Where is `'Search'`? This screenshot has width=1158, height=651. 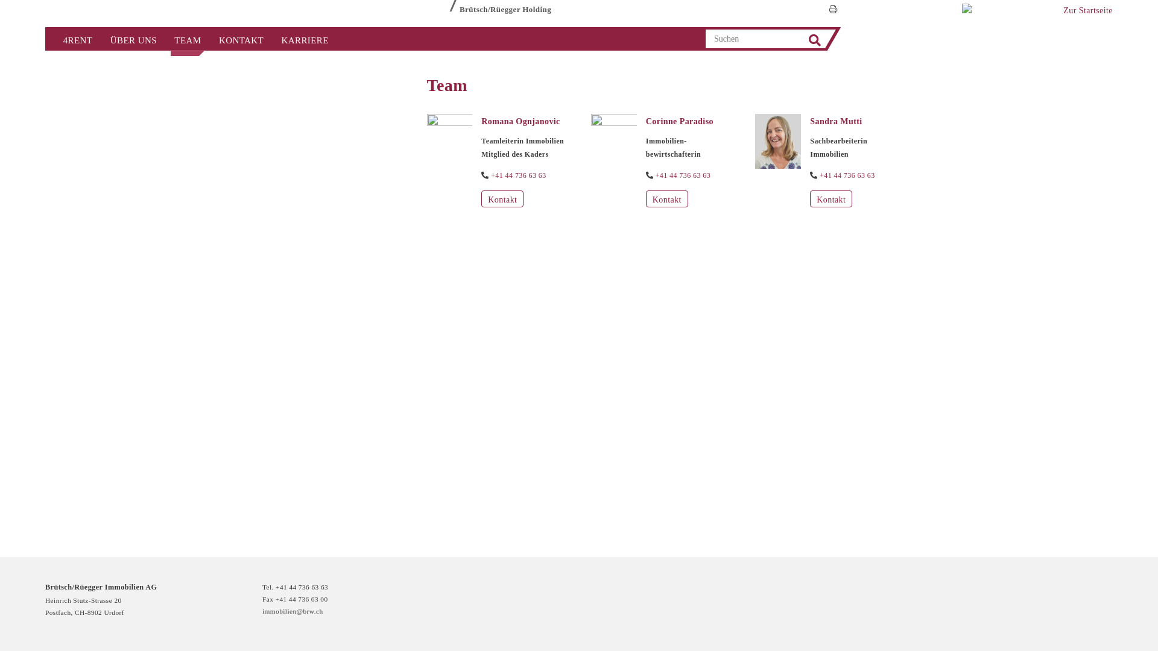 'Search' is located at coordinates (814, 40).